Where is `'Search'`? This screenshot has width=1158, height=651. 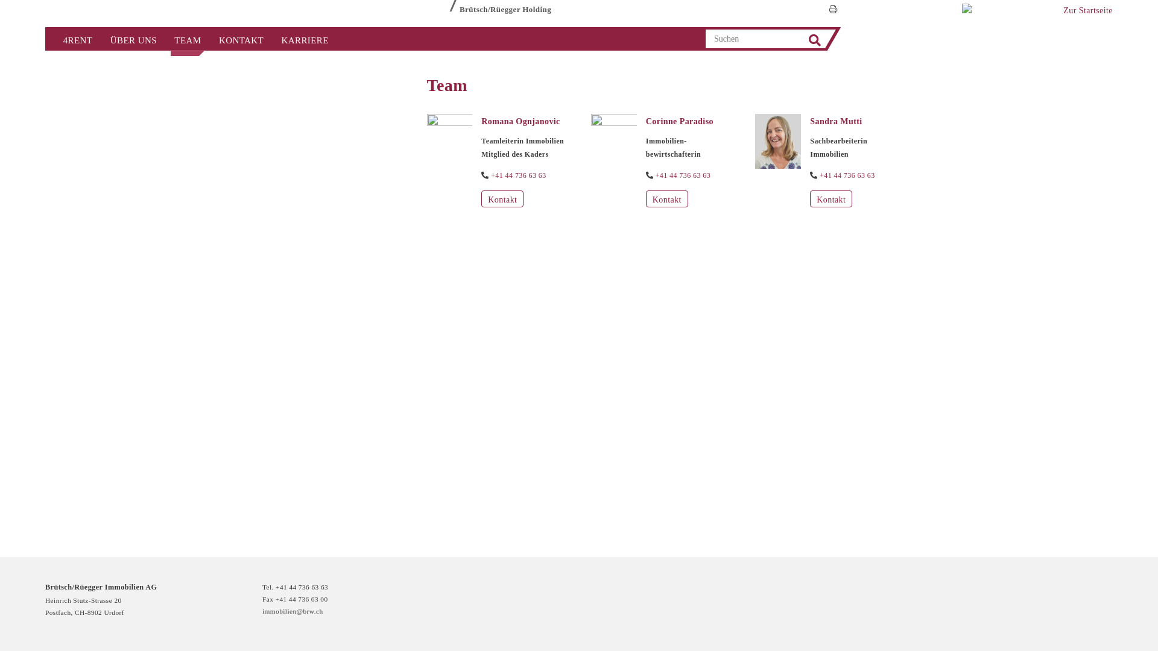 'Search' is located at coordinates (814, 40).